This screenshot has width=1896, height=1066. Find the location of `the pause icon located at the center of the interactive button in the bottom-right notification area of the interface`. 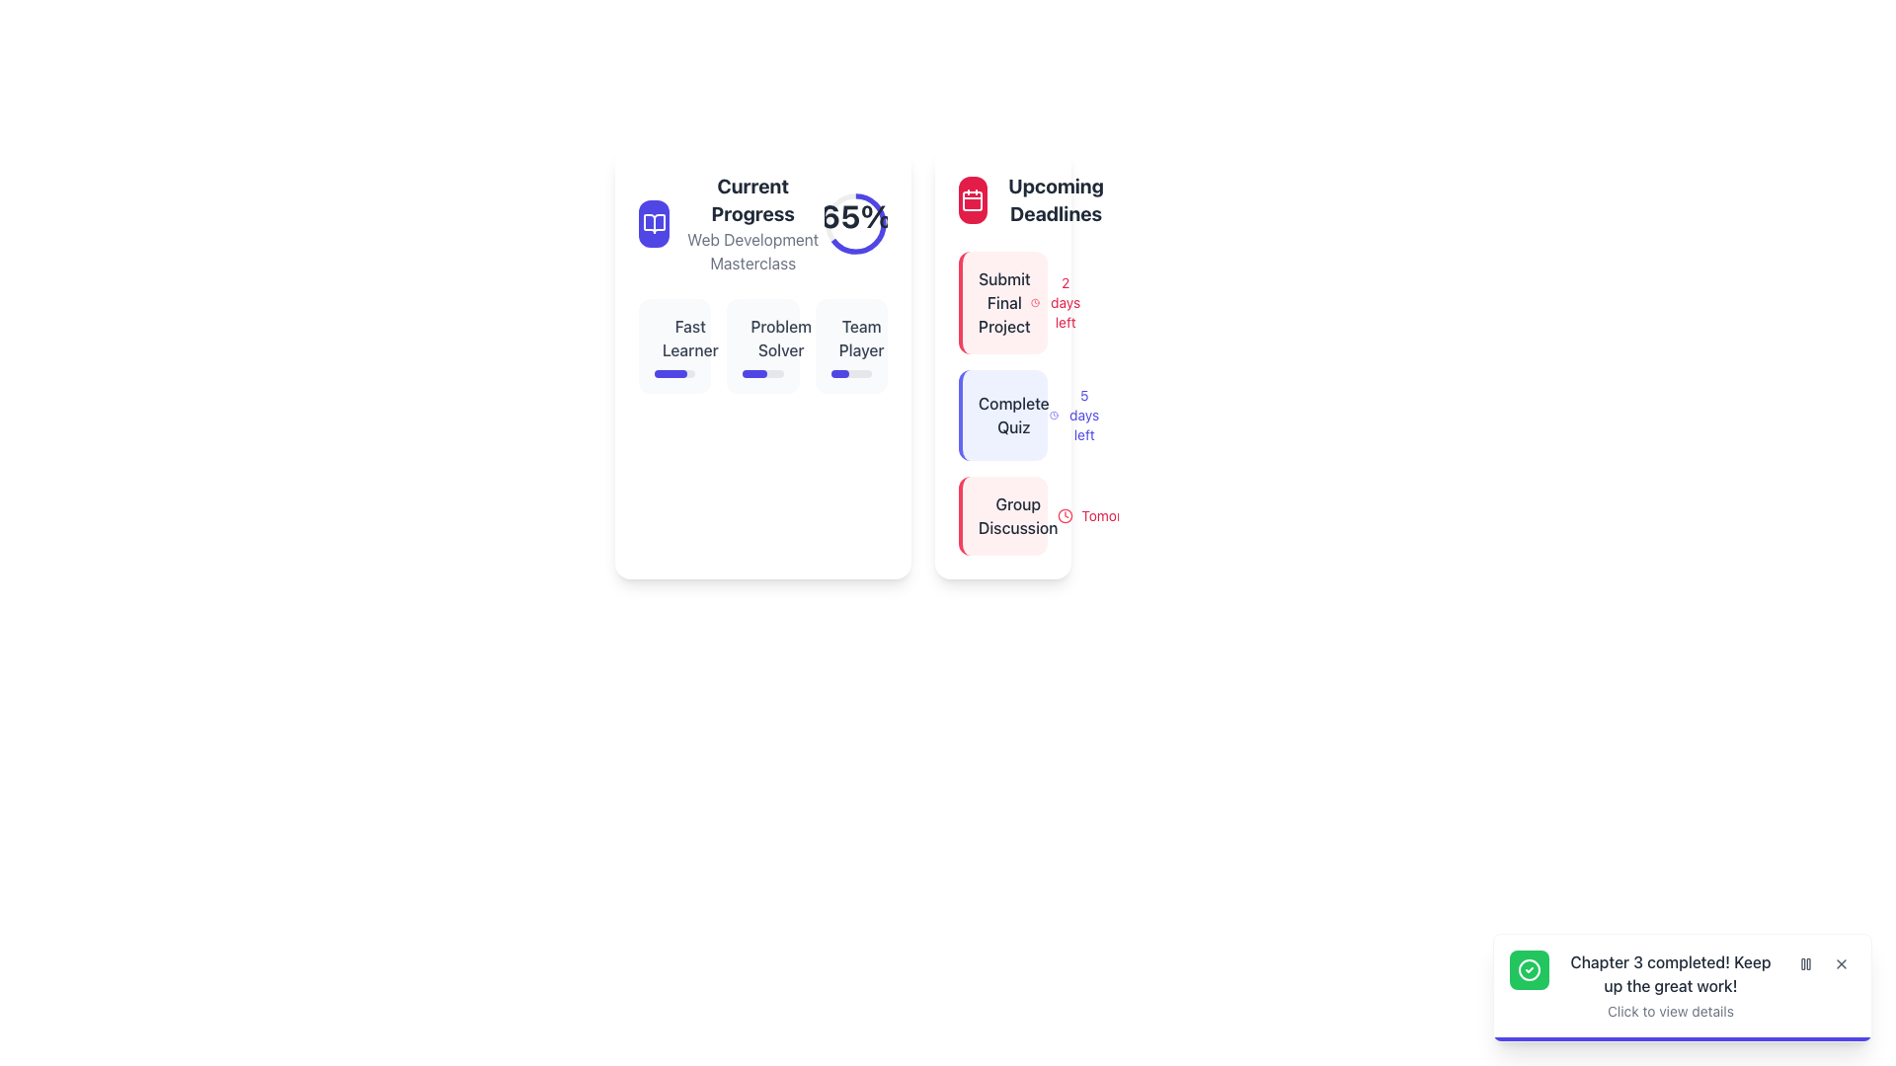

the pause icon located at the center of the interactive button in the bottom-right notification area of the interface is located at coordinates (1805, 962).